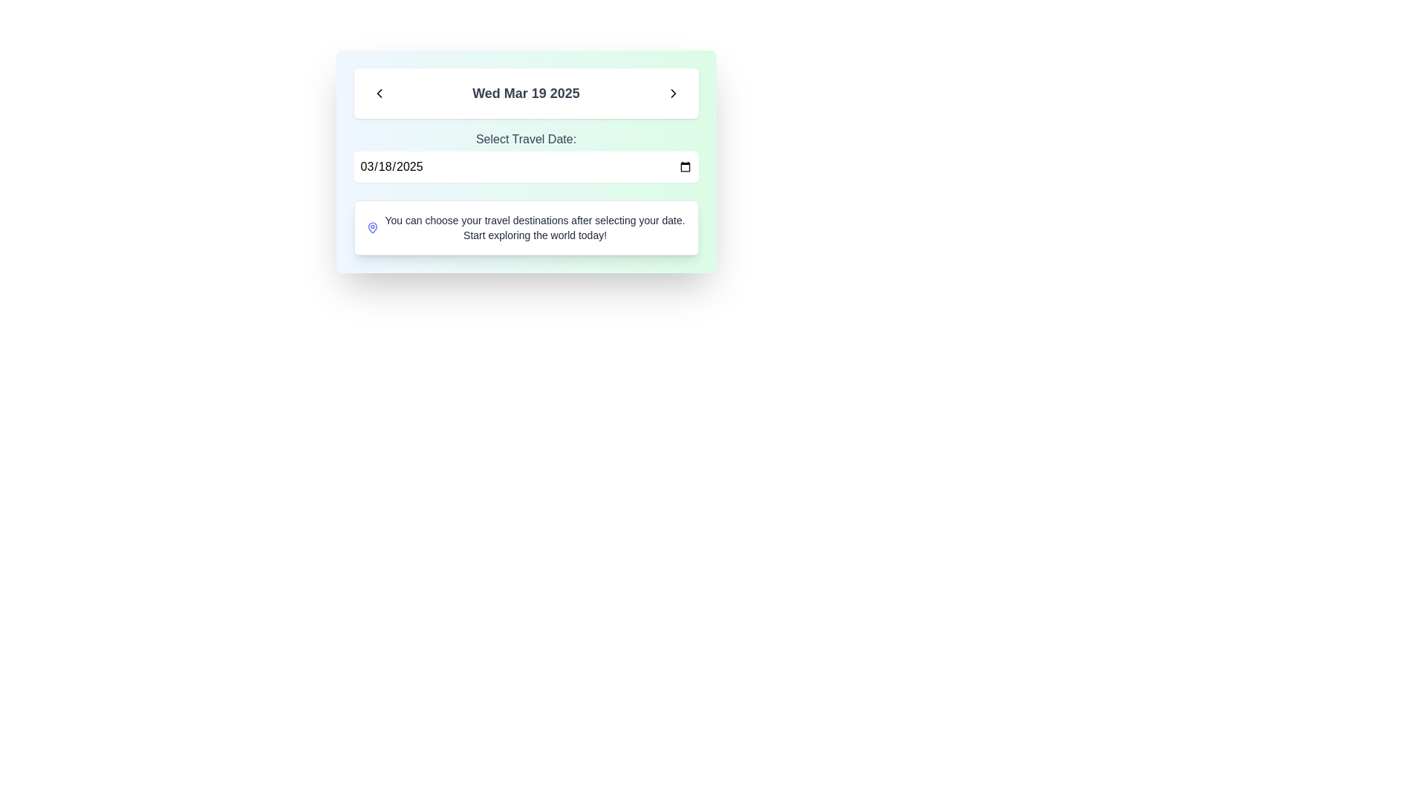  What do you see at coordinates (379, 94) in the screenshot?
I see `the navigational icon located to the left of the text 'Wed Mar 19 2025'` at bounding box center [379, 94].